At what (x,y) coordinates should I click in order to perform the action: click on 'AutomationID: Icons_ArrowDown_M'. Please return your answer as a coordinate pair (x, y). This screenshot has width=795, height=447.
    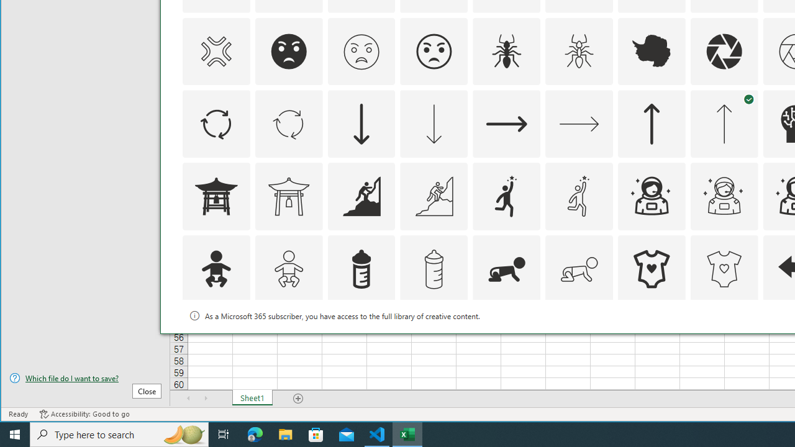
    Looking at the image, I should click on (434, 124).